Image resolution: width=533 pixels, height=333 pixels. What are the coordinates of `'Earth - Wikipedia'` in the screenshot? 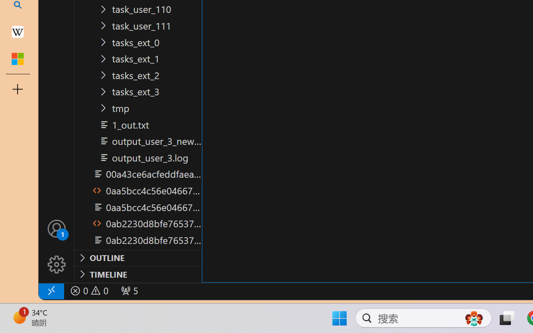 It's located at (17, 32).